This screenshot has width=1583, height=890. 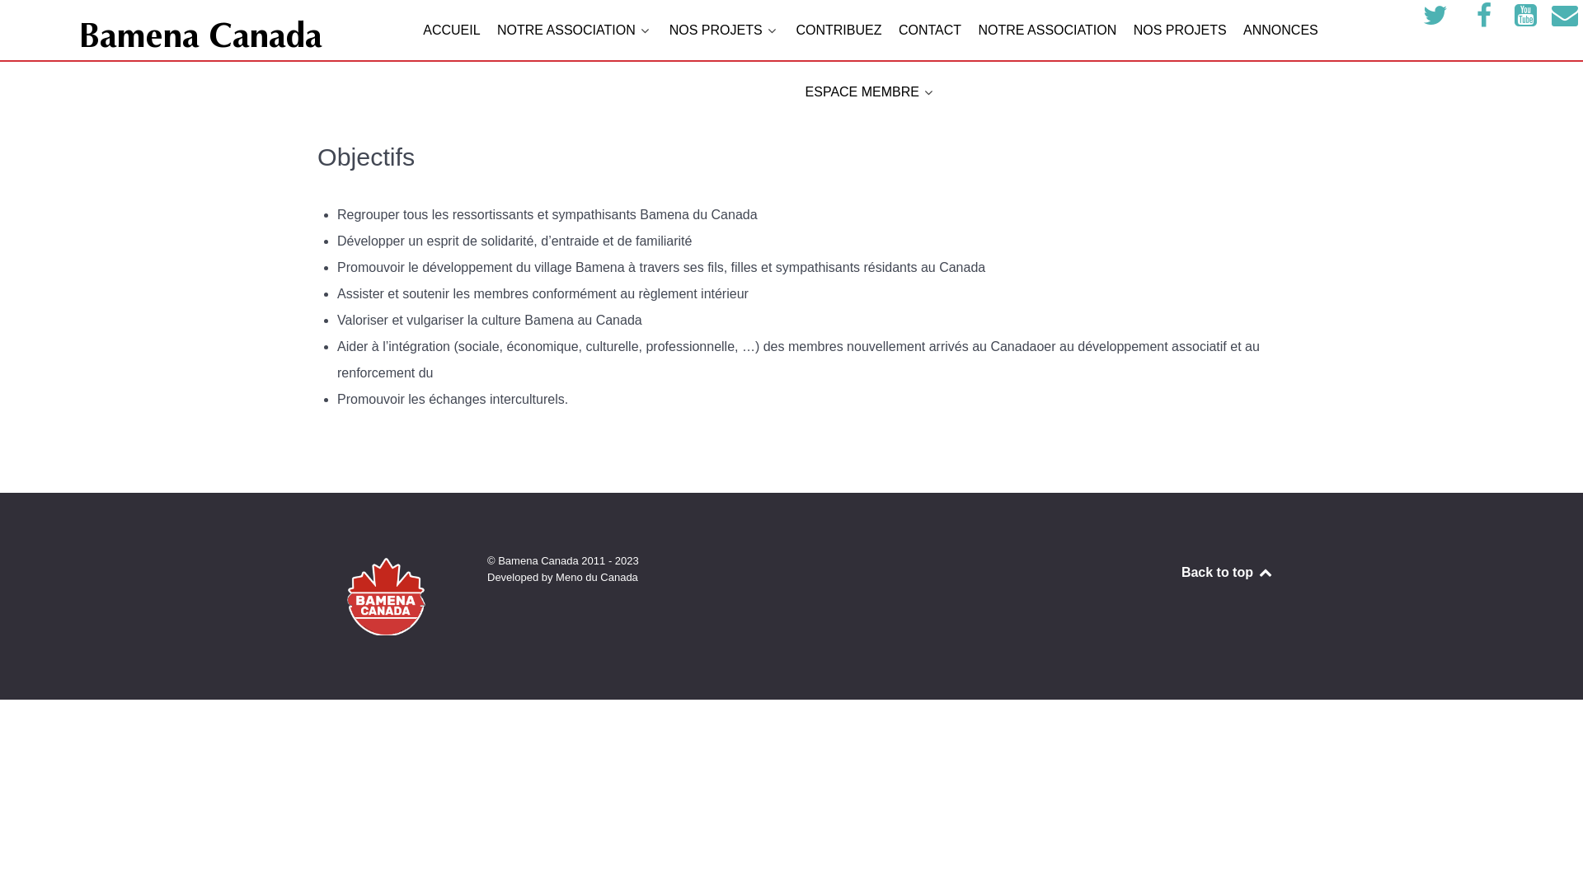 What do you see at coordinates (198, 37) in the screenshot?
I see `'Bamena Canada'` at bounding box center [198, 37].